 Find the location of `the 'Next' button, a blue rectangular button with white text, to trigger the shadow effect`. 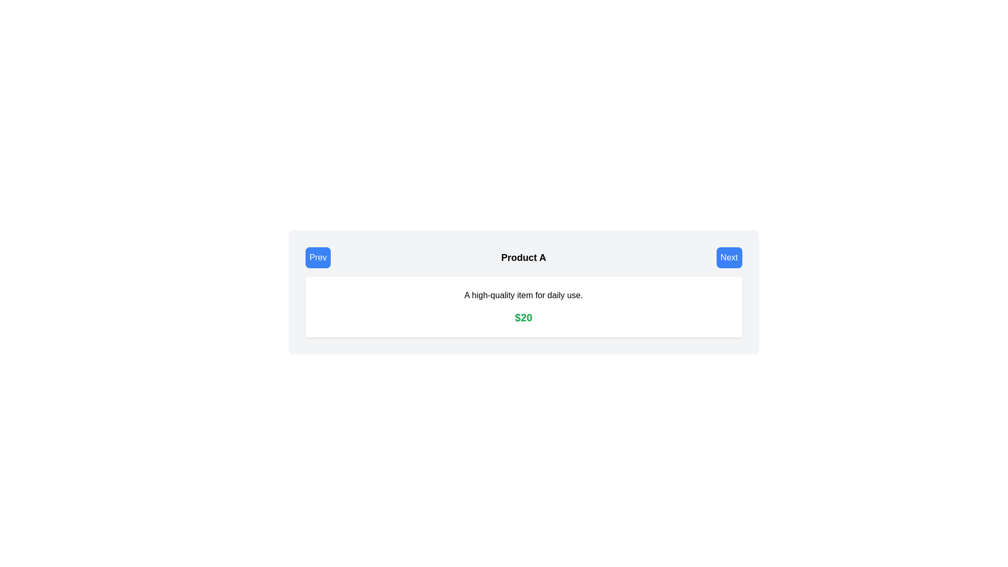

the 'Next' button, a blue rectangular button with white text, to trigger the shadow effect is located at coordinates (729, 257).